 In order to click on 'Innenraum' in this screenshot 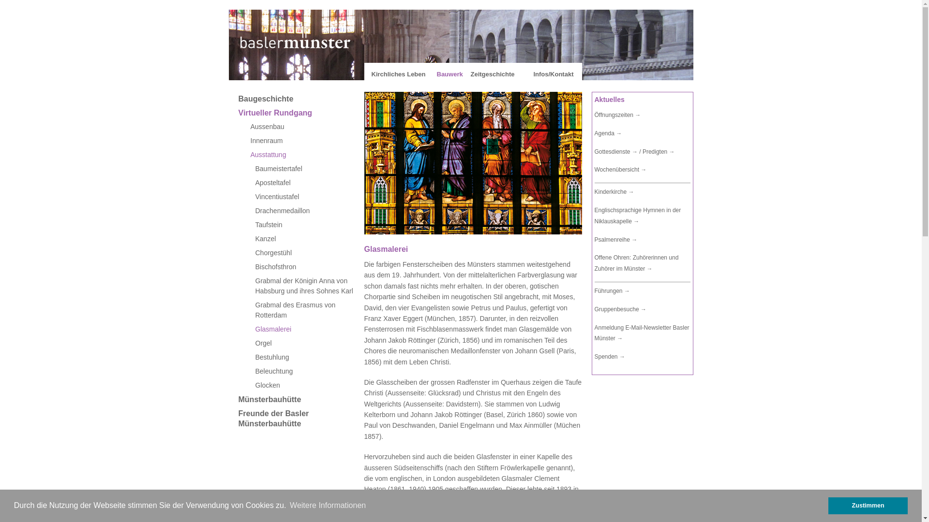, I will do `click(303, 141)`.